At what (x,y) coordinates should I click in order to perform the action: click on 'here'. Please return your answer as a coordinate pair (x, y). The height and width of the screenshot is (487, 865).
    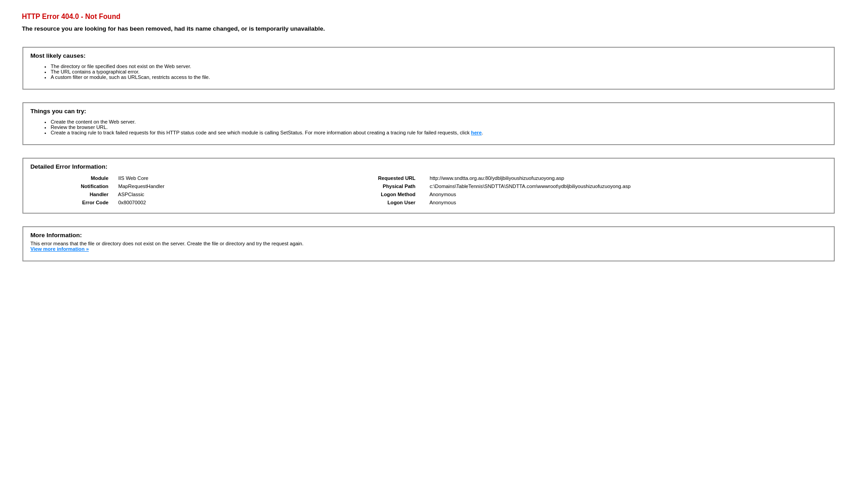
    Looking at the image, I should click on (476, 132).